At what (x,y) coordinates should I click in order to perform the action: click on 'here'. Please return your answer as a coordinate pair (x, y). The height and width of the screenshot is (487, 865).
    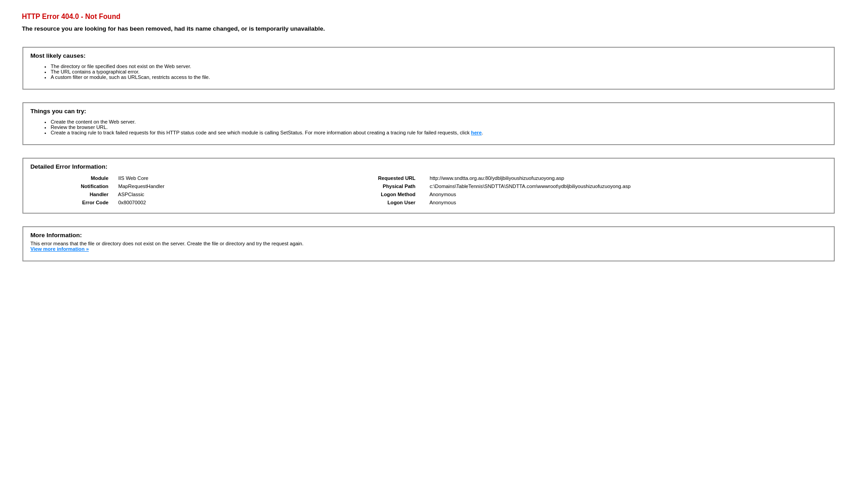
    Looking at the image, I should click on (476, 132).